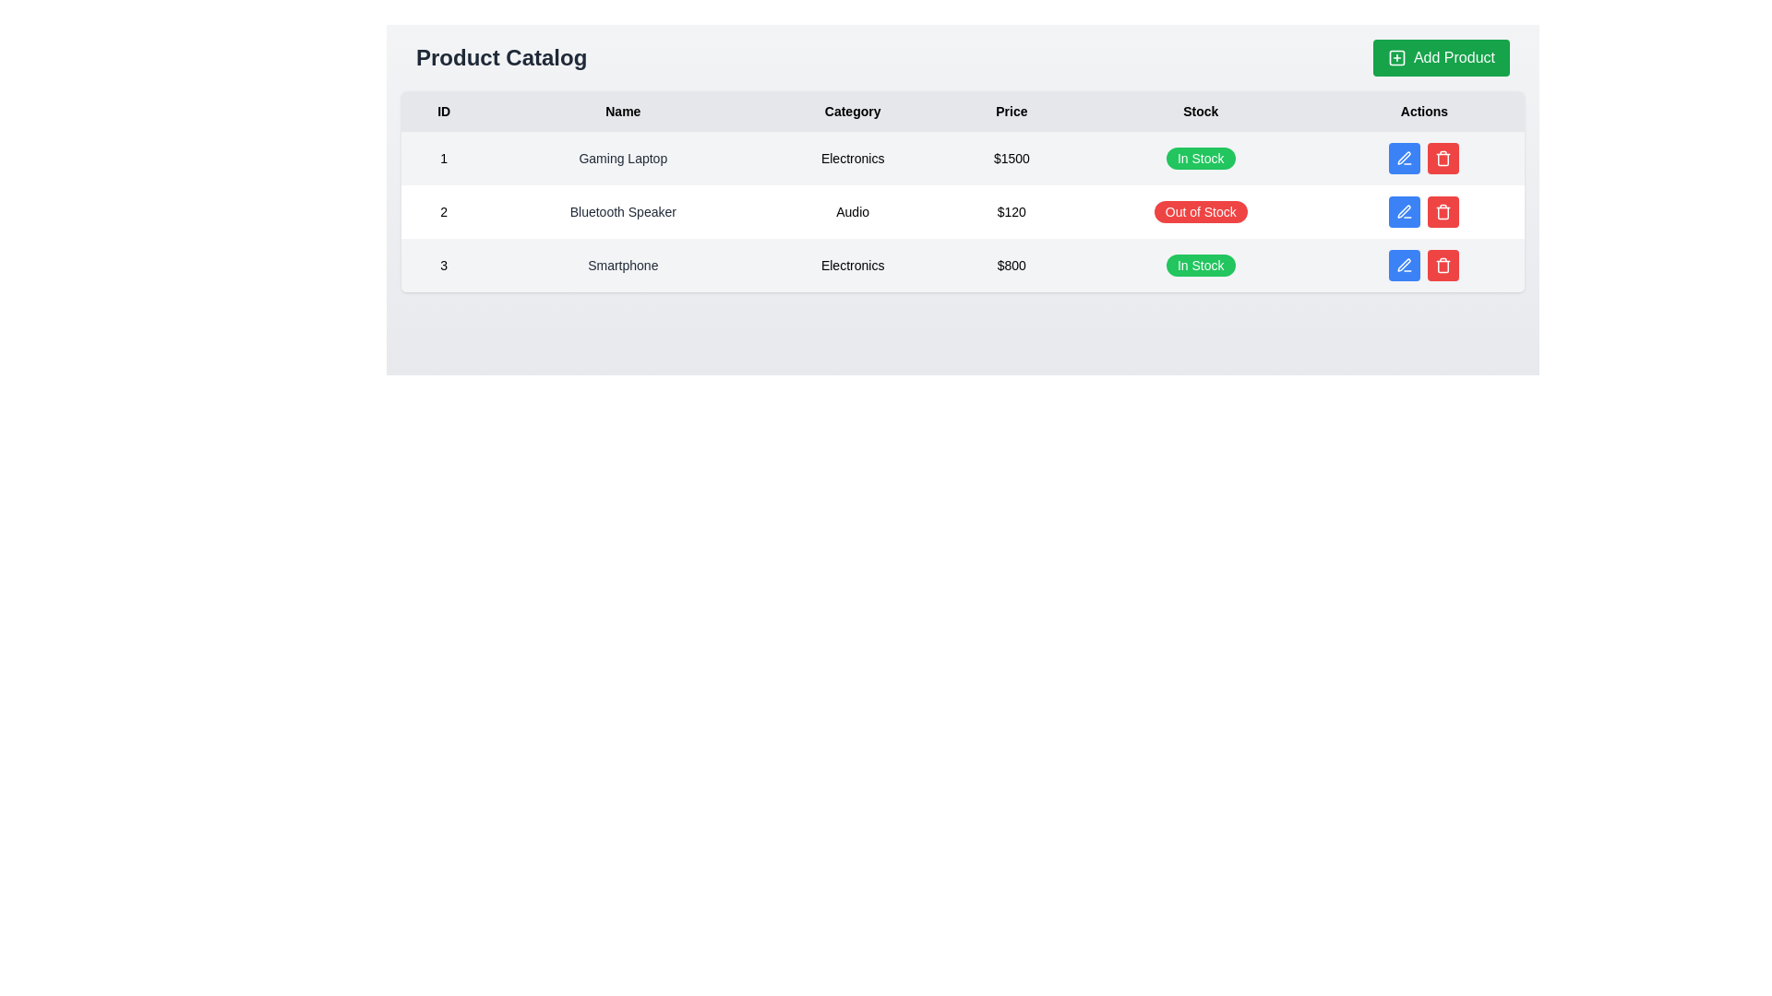 The height and width of the screenshot is (996, 1772). I want to click on the 'Actions' table header cell, which is the last column in the visible table header, located to the right of the 'Stock' column and styled with bold, centered text in a light gray rectangular cell, so click(1423, 111).